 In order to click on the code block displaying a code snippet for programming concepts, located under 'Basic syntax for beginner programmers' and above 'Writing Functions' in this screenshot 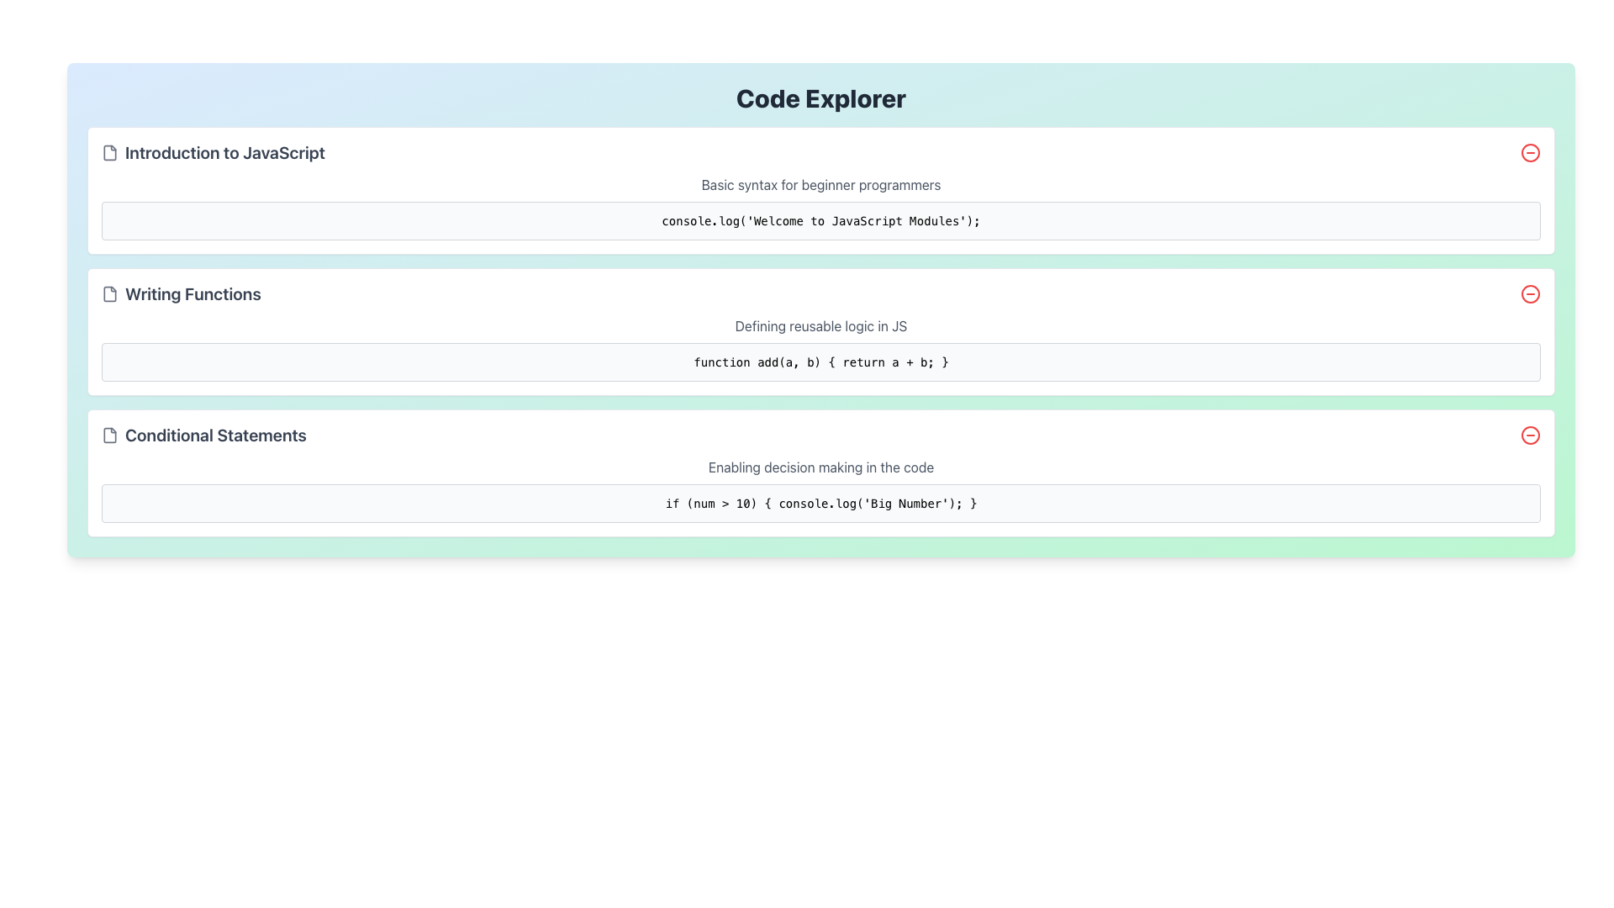, I will do `click(821, 219)`.